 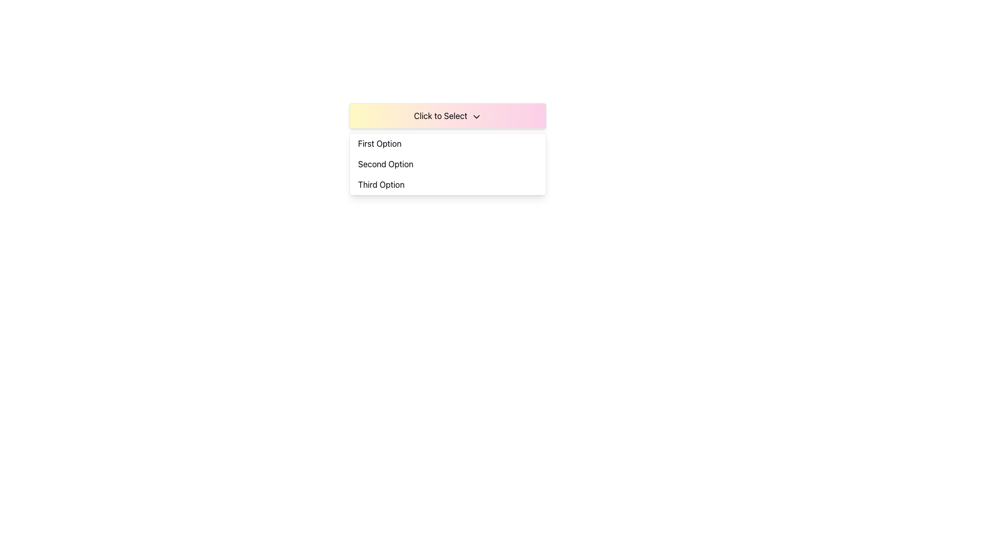 What do you see at coordinates (476, 116) in the screenshot?
I see `the dropdown menu icon located to the right of the 'Click` at bounding box center [476, 116].